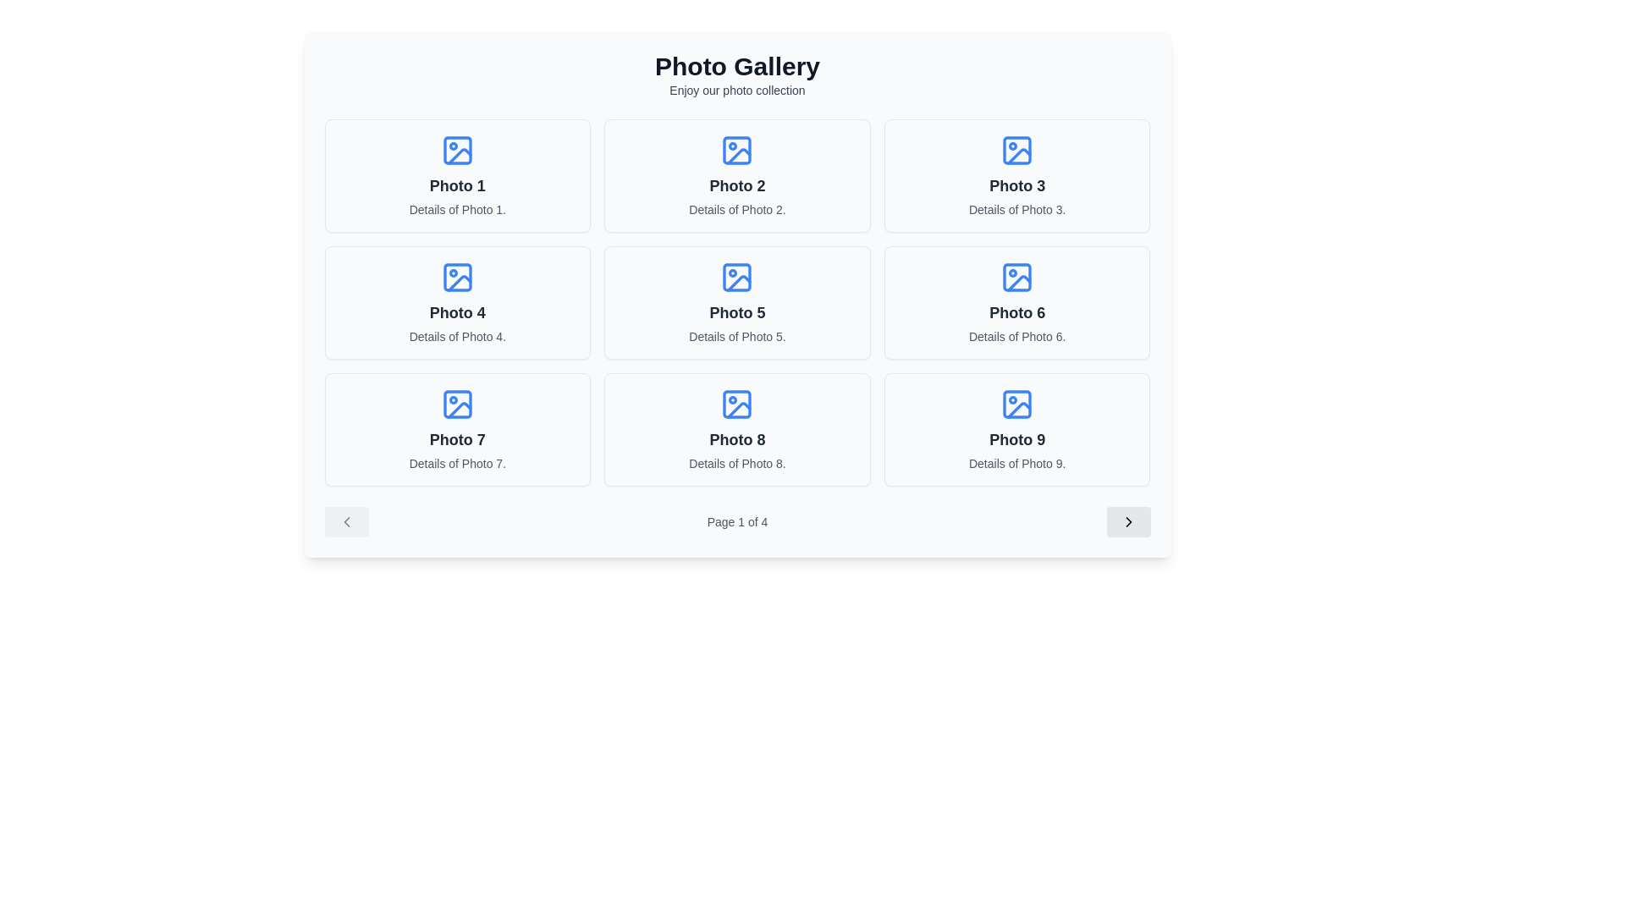 The height and width of the screenshot is (914, 1625). Describe the element at coordinates (1128, 521) in the screenshot. I see `the navigation button located at the bottom-right corner of the interface to progress to the next page` at that location.